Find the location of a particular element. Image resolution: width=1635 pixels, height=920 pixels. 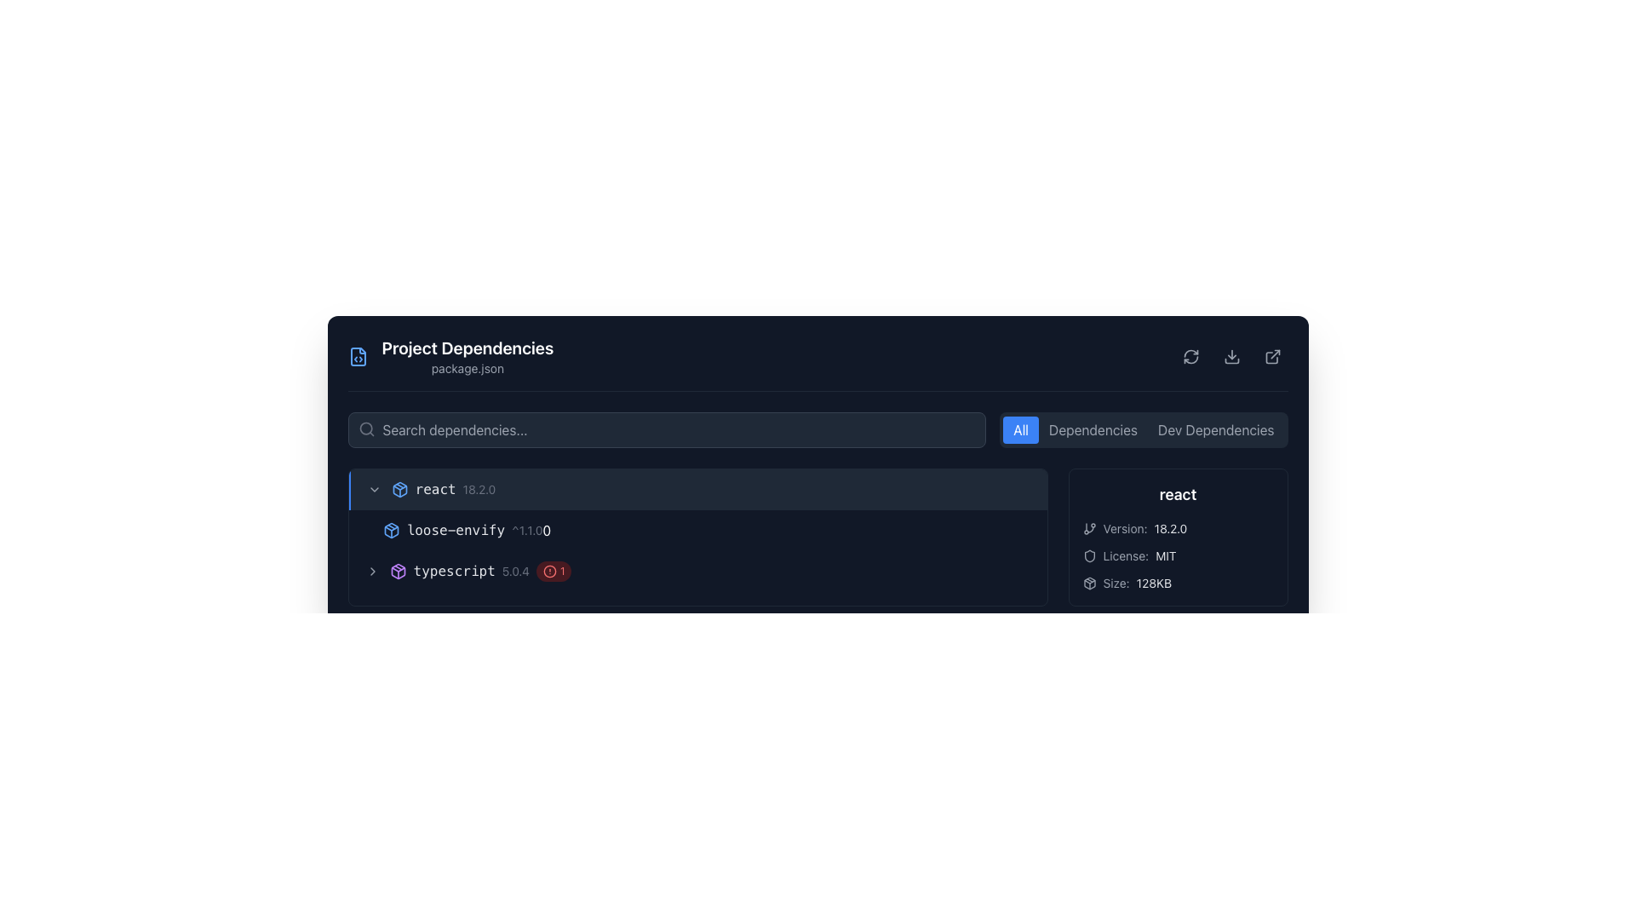

the Icon Button located near the top-right corner of the interface is located at coordinates (1231, 356).